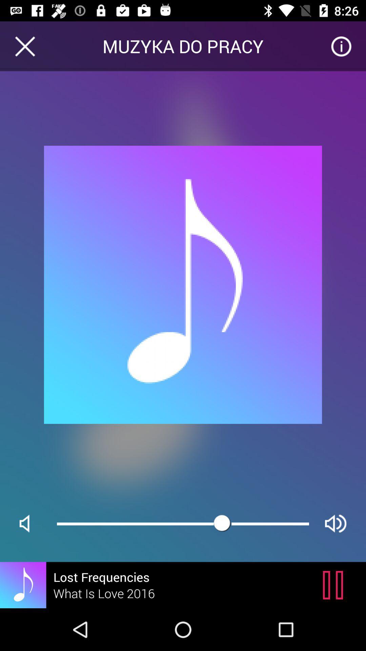  I want to click on icon to the left of muzyka do pracy item, so click(24, 46).